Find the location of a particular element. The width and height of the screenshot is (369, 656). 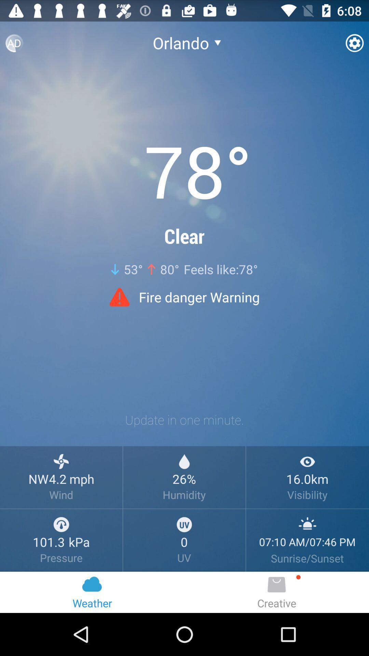

the settings icon is located at coordinates (354, 45).